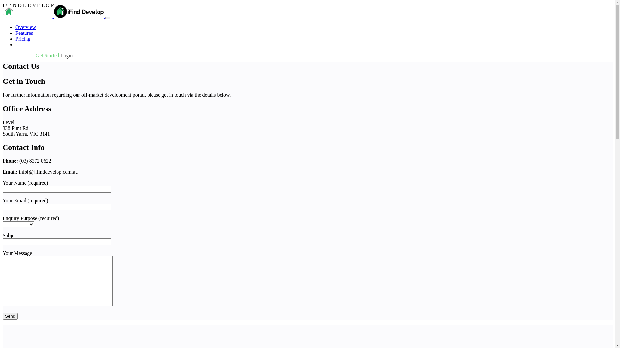  Describe the element at coordinates (23, 44) in the screenshot. I see `'Contact'` at that location.